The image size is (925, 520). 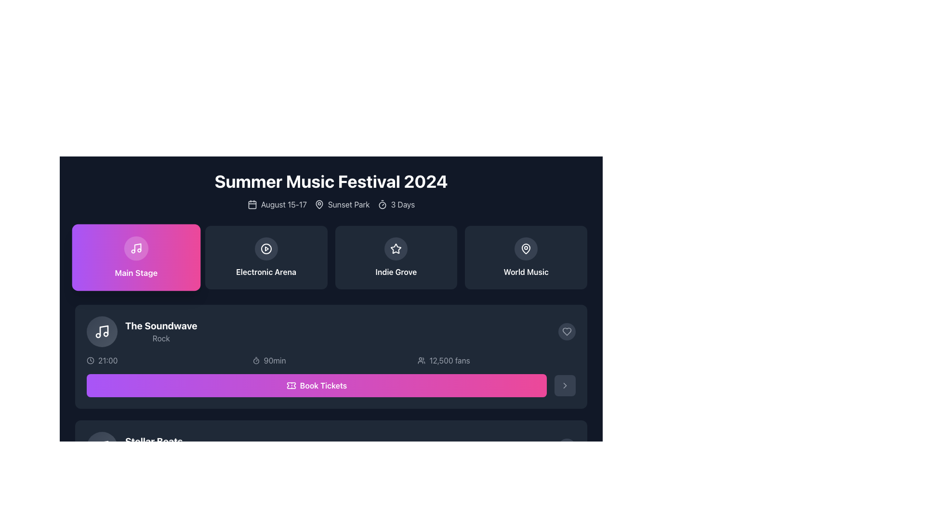 I want to click on the central star icon with a hollow center and bold outline located, so click(x=396, y=248).